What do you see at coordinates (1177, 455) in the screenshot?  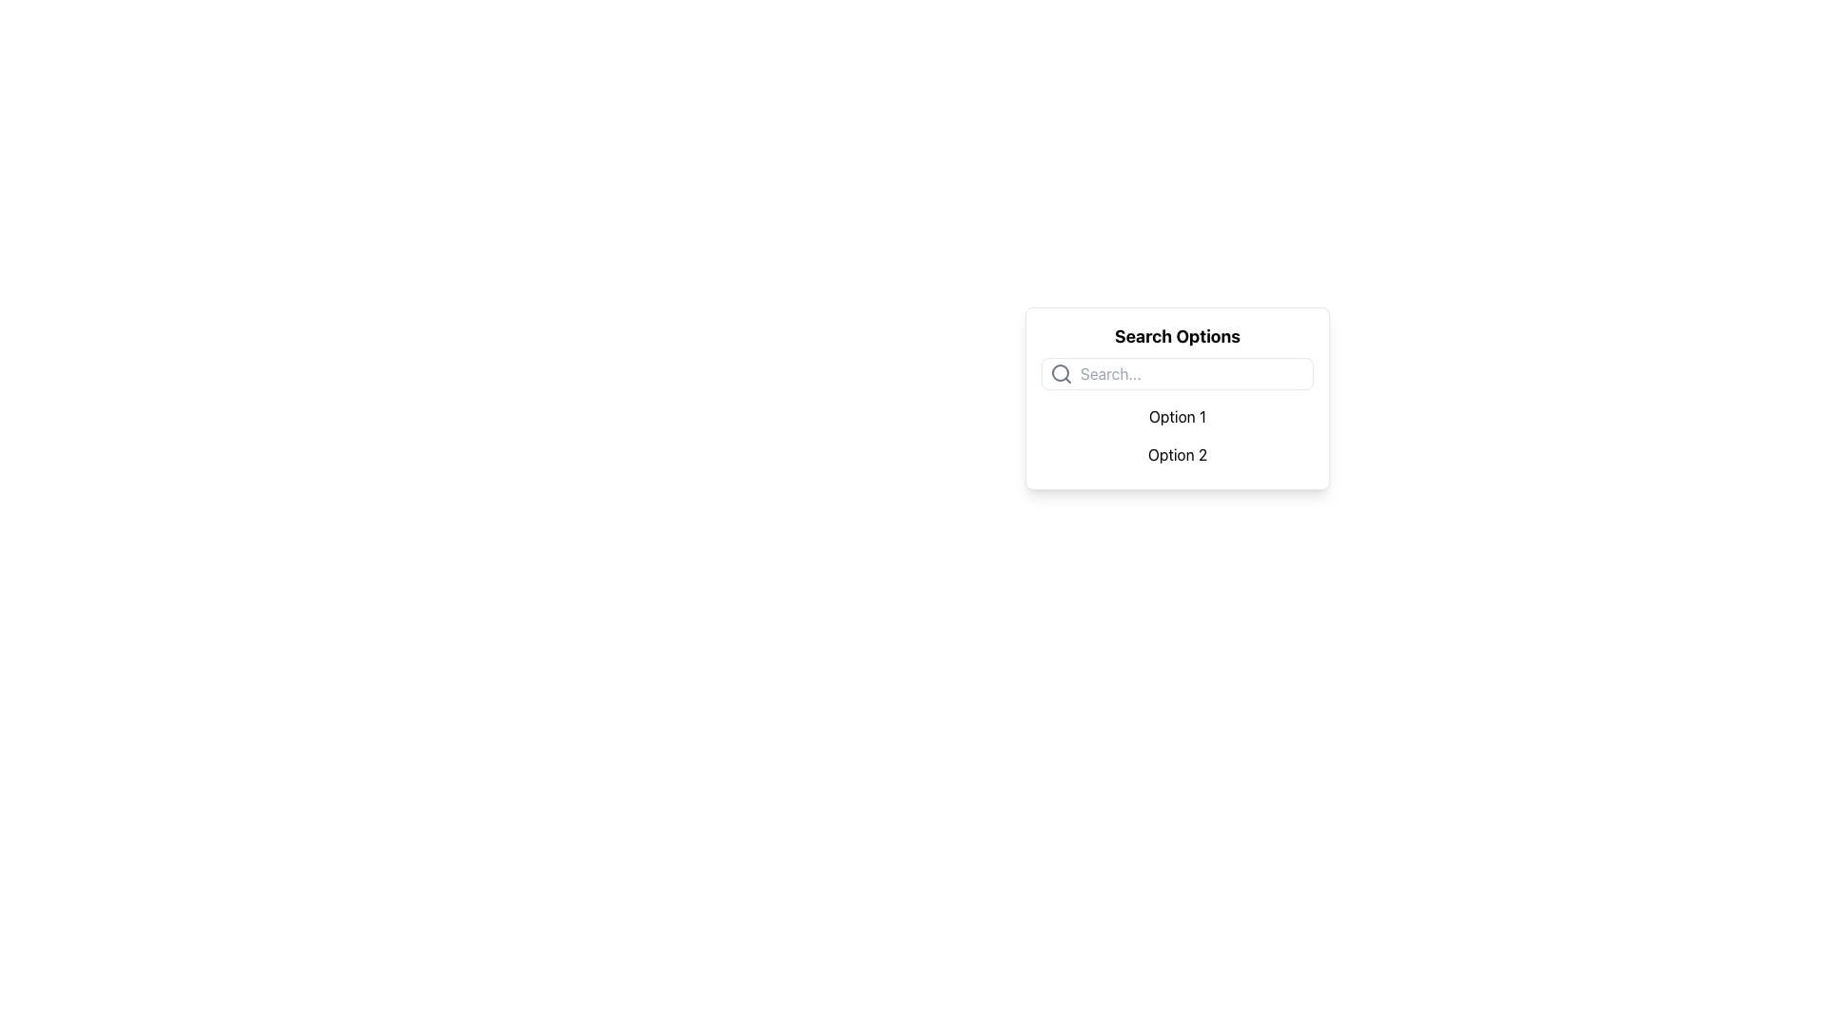 I see `the second item in the dropdown menu located beneath the search bar` at bounding box center [1177, 455].